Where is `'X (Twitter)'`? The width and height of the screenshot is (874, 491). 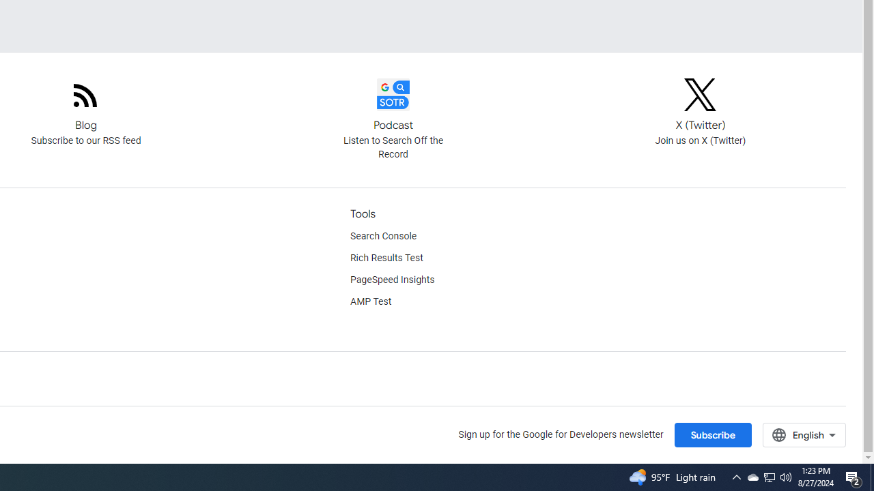 'X (Twitter)' is located at coordinates (700, 93).